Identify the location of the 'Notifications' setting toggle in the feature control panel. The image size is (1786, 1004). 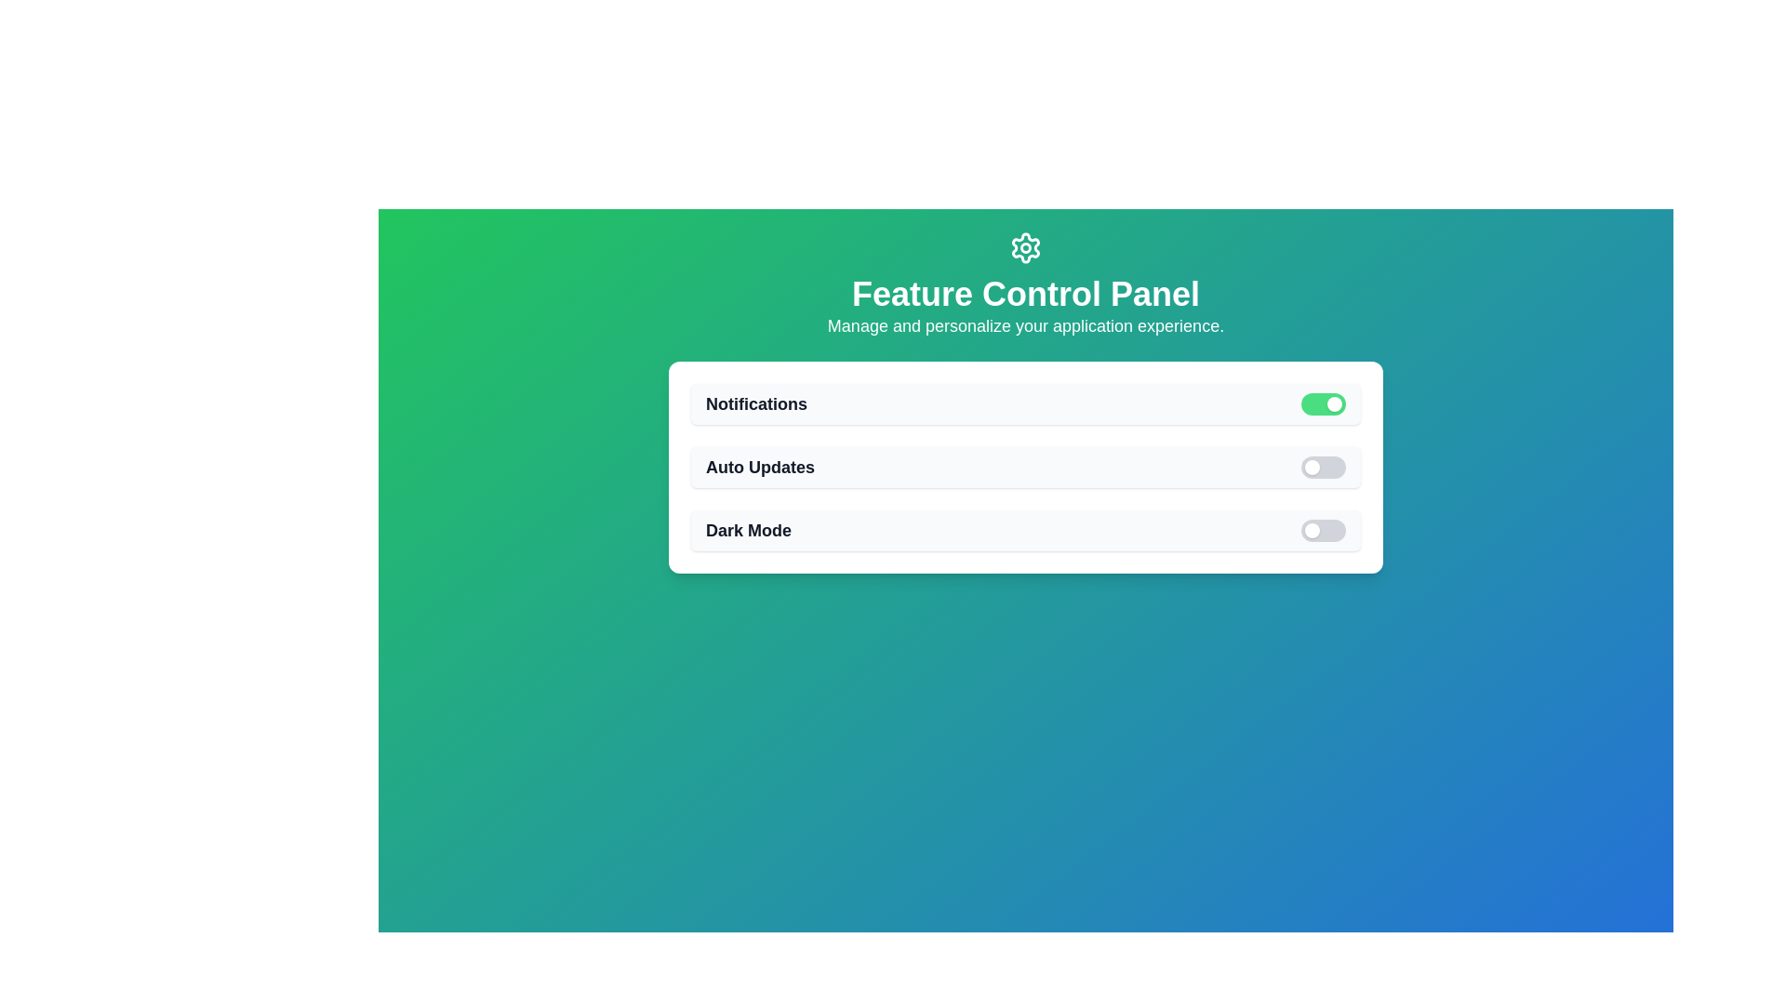
(1025, 403).